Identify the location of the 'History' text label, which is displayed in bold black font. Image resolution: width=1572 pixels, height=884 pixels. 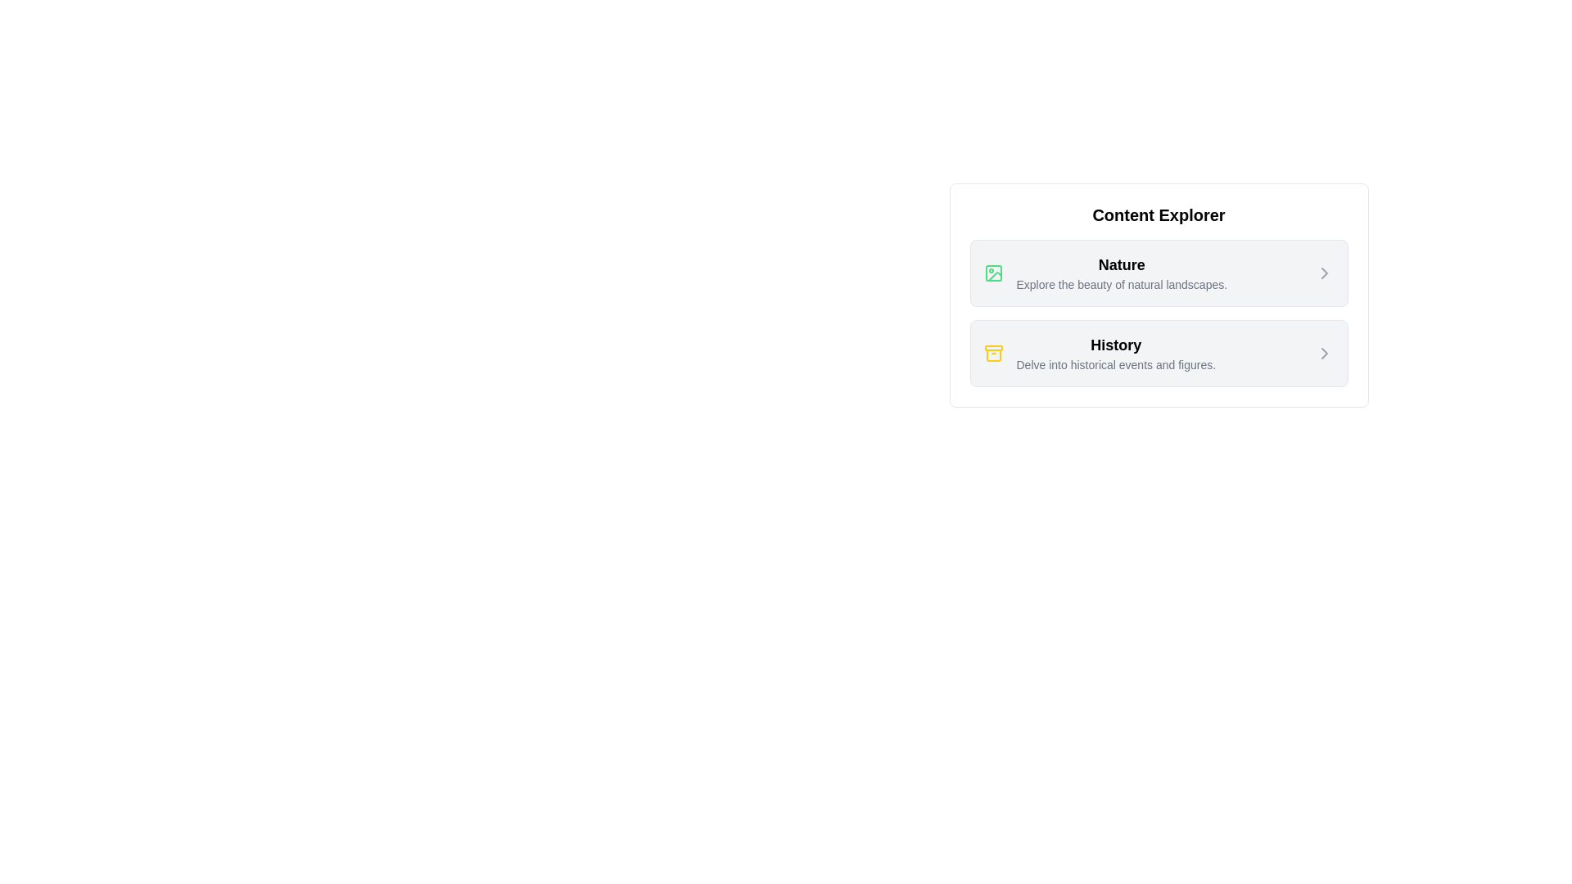
(1115, 344).